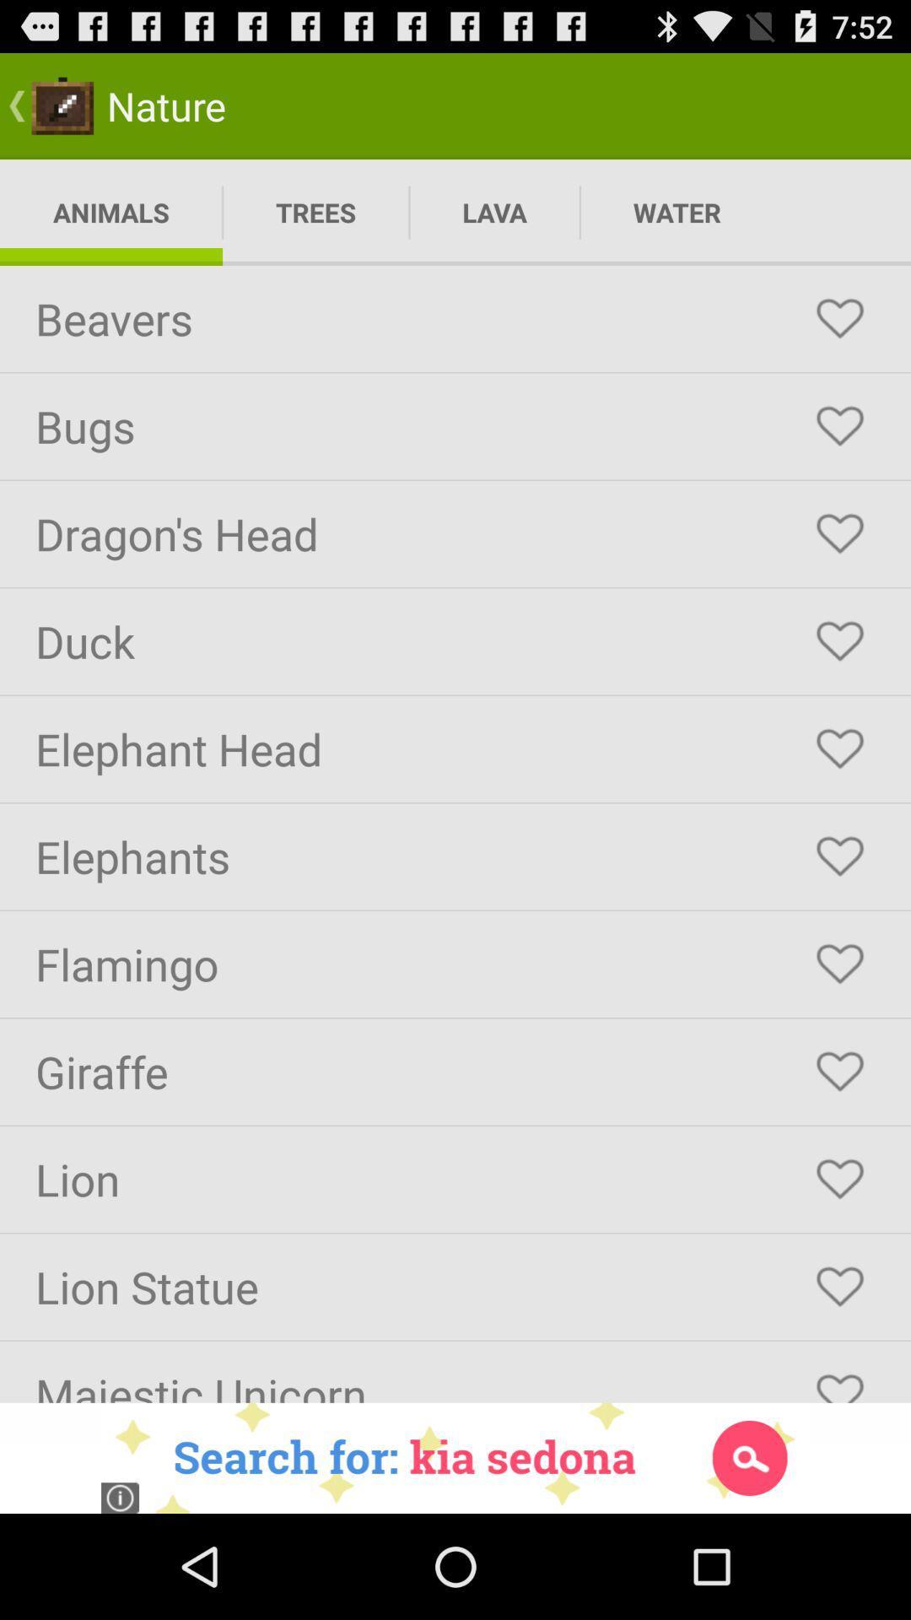 This screenshot has height=1620, width=911. What do you see at coordinates (839, 748) in the screenshot?
I see `like button` at bounding box center [839, 748].